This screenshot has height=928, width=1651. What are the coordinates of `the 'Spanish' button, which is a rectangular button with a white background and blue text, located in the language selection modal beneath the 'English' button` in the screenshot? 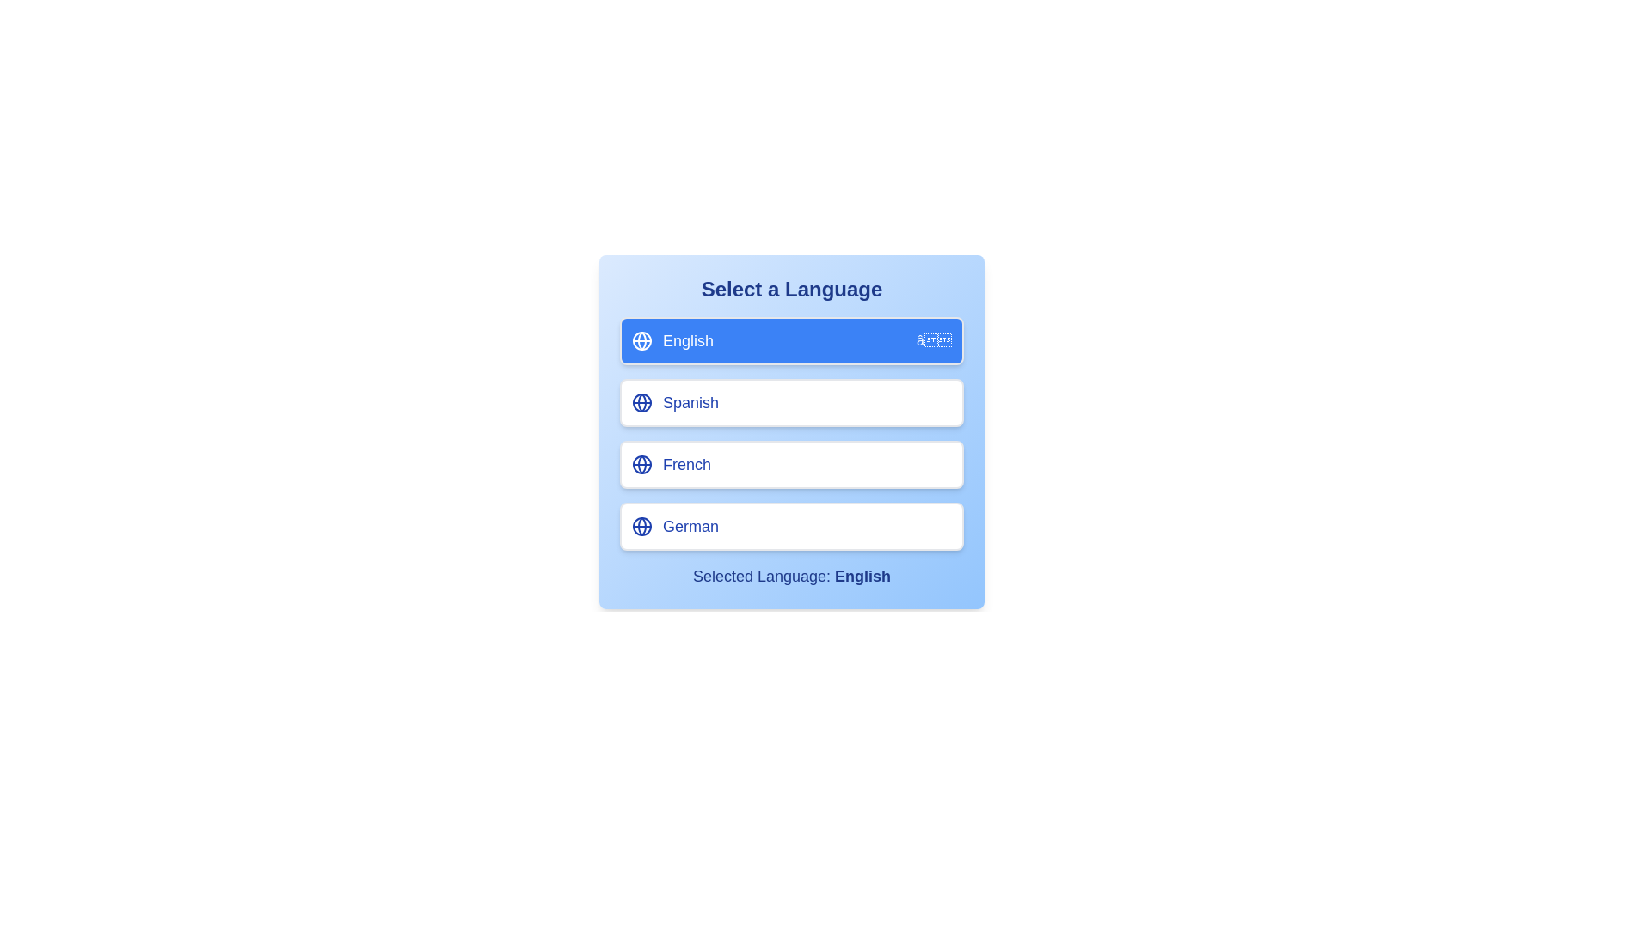 It's located at (791, 423).